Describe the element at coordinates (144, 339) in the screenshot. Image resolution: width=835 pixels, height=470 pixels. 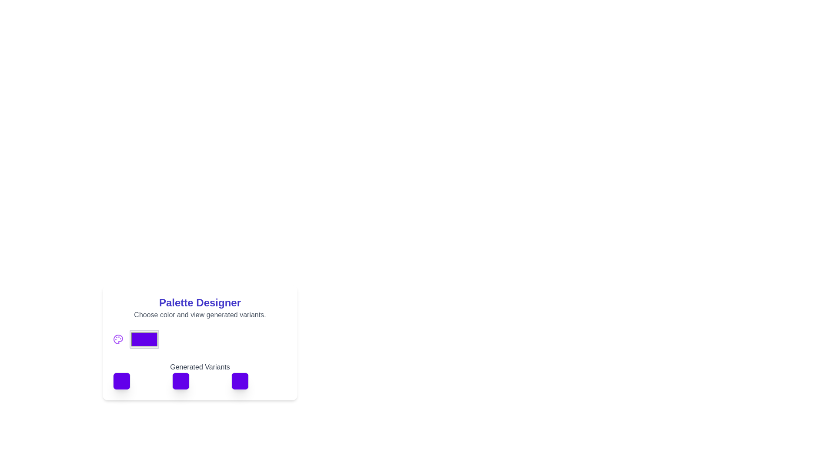
I see `the rectangular color input field with rounded corners and a purple fill color` at that location.